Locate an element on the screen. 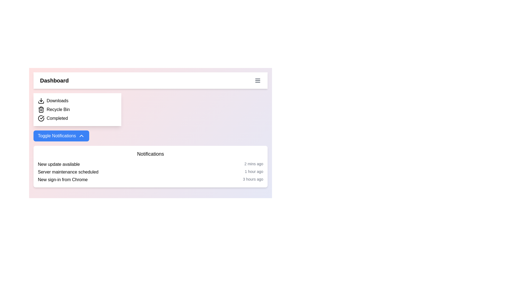  the 'Recycle Bin' icon (trash can stylized) in the vertical side menu is located at coordinates (41, 110).